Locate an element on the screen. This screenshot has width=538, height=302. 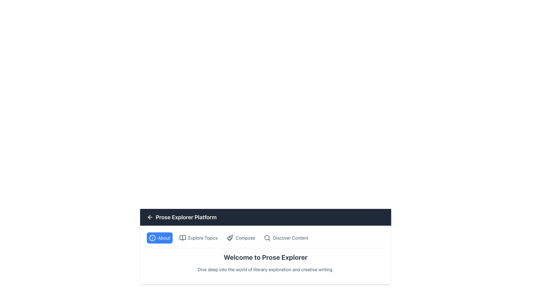
the paintbrush icon located in the navigation bar directly preceding the text 'Compose' is located at coordinates (230, 238).